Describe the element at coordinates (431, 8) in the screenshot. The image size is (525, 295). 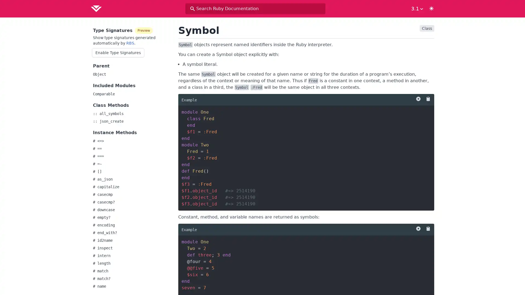
I see `Toggle theme` at that location.